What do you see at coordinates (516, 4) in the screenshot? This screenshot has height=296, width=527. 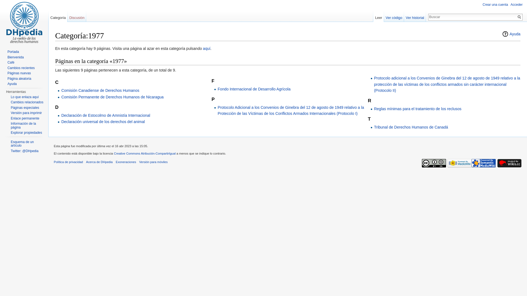 I see `'Acceder'` at bounding box center [516, 4].